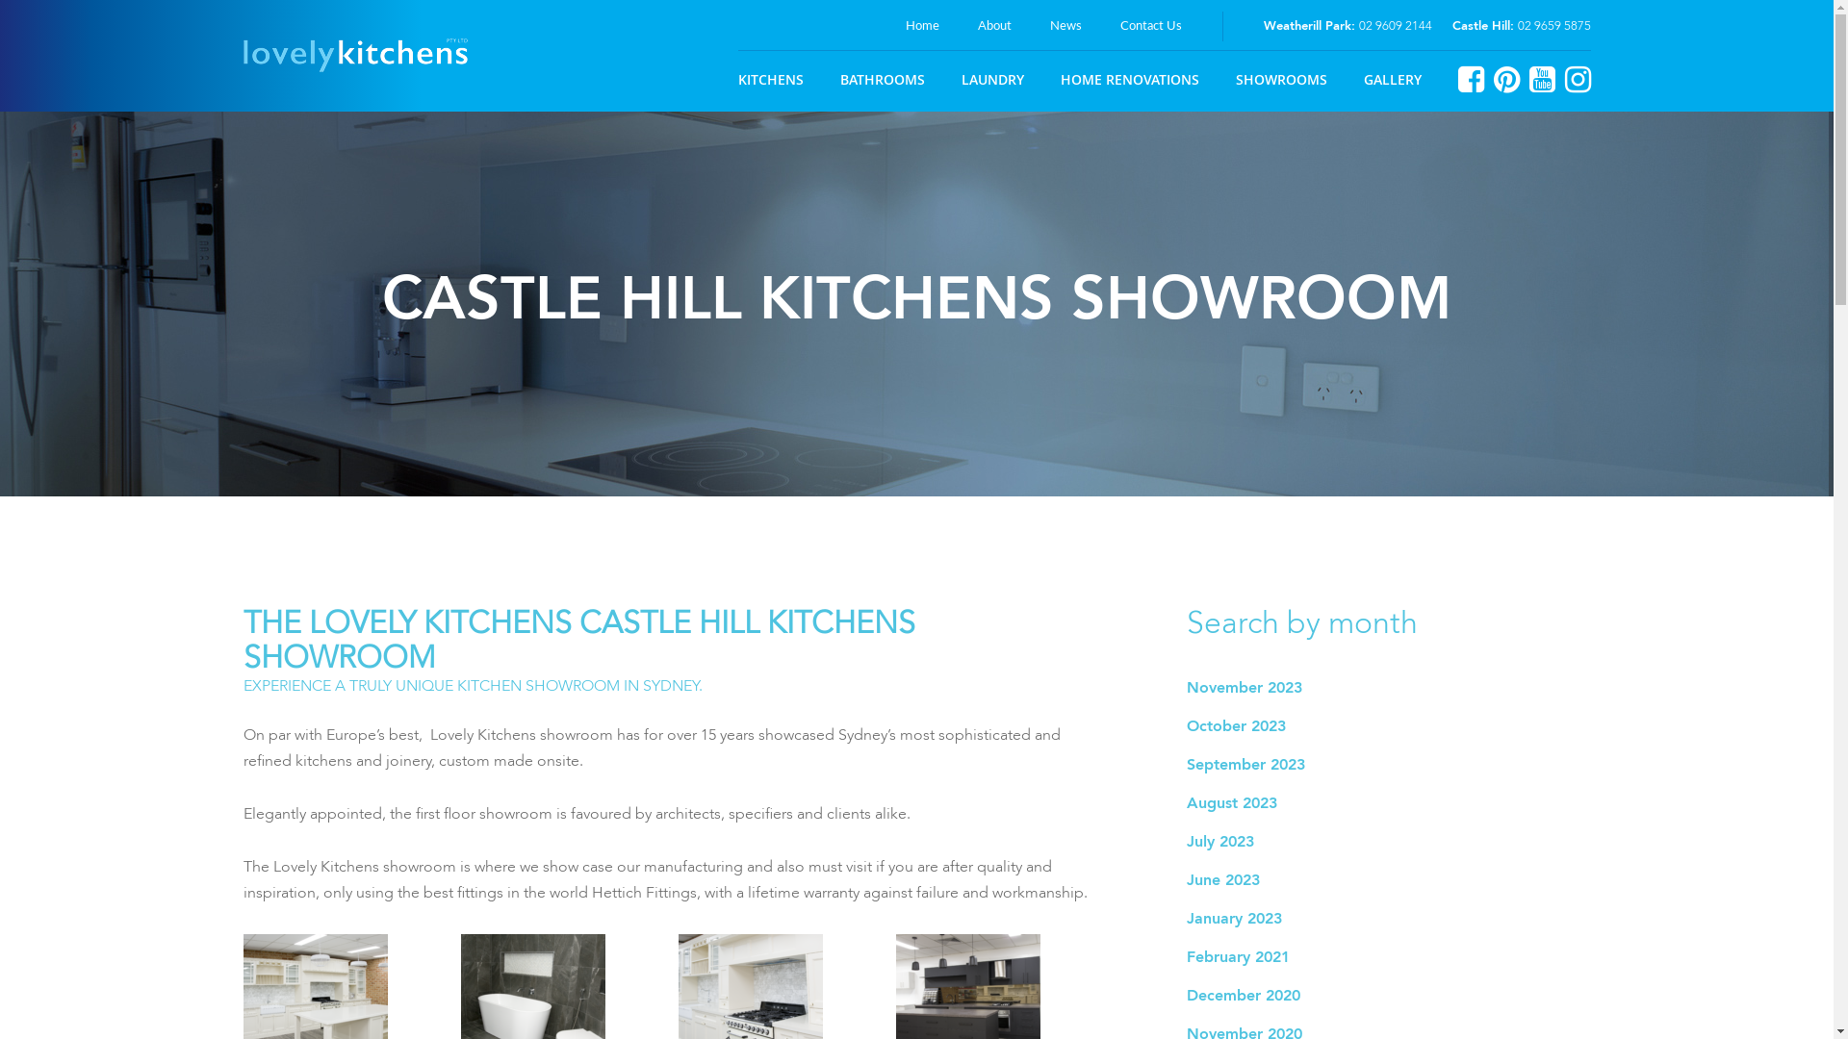  What do you see at coordinates (1553, 26) in the screenshot?
I see `'02 9659 5875'` at bounding box center [1553, 26].